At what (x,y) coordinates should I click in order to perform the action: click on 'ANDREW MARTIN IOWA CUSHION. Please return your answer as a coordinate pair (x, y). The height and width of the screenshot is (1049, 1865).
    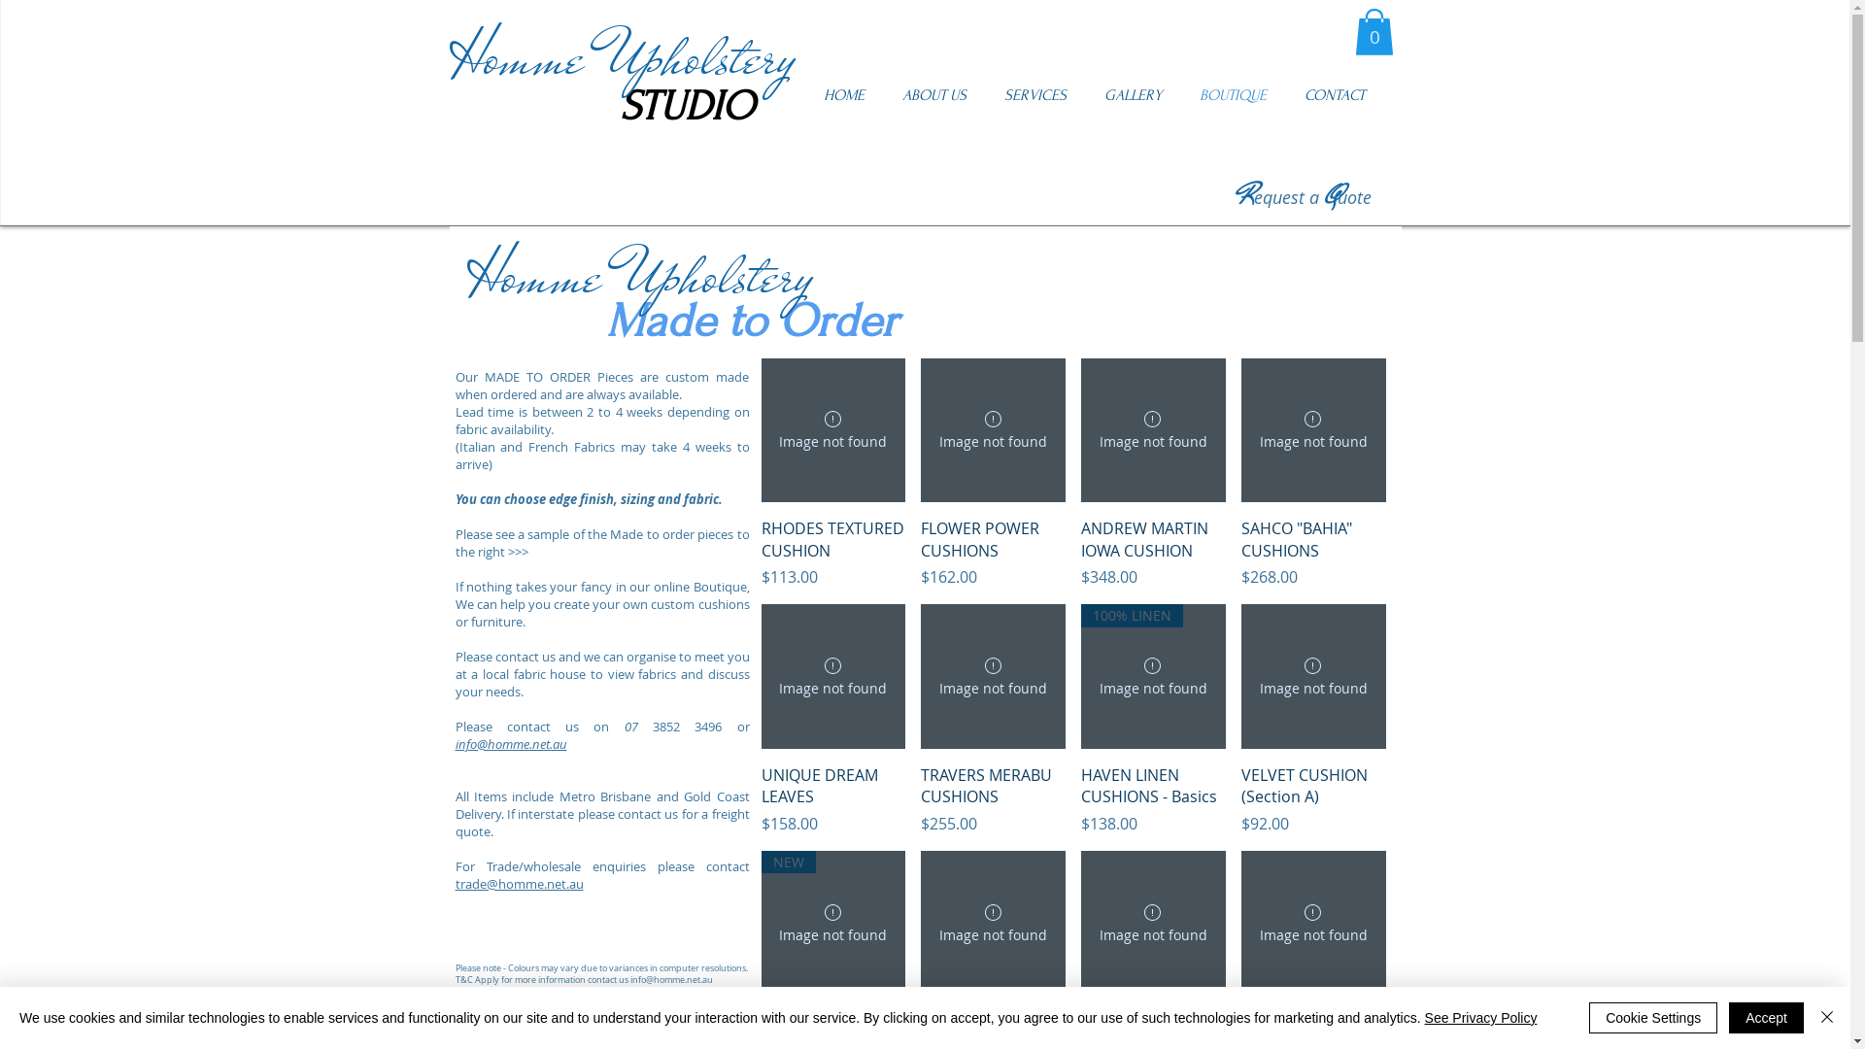
    Looking at the image, I should click on (1153, 553).